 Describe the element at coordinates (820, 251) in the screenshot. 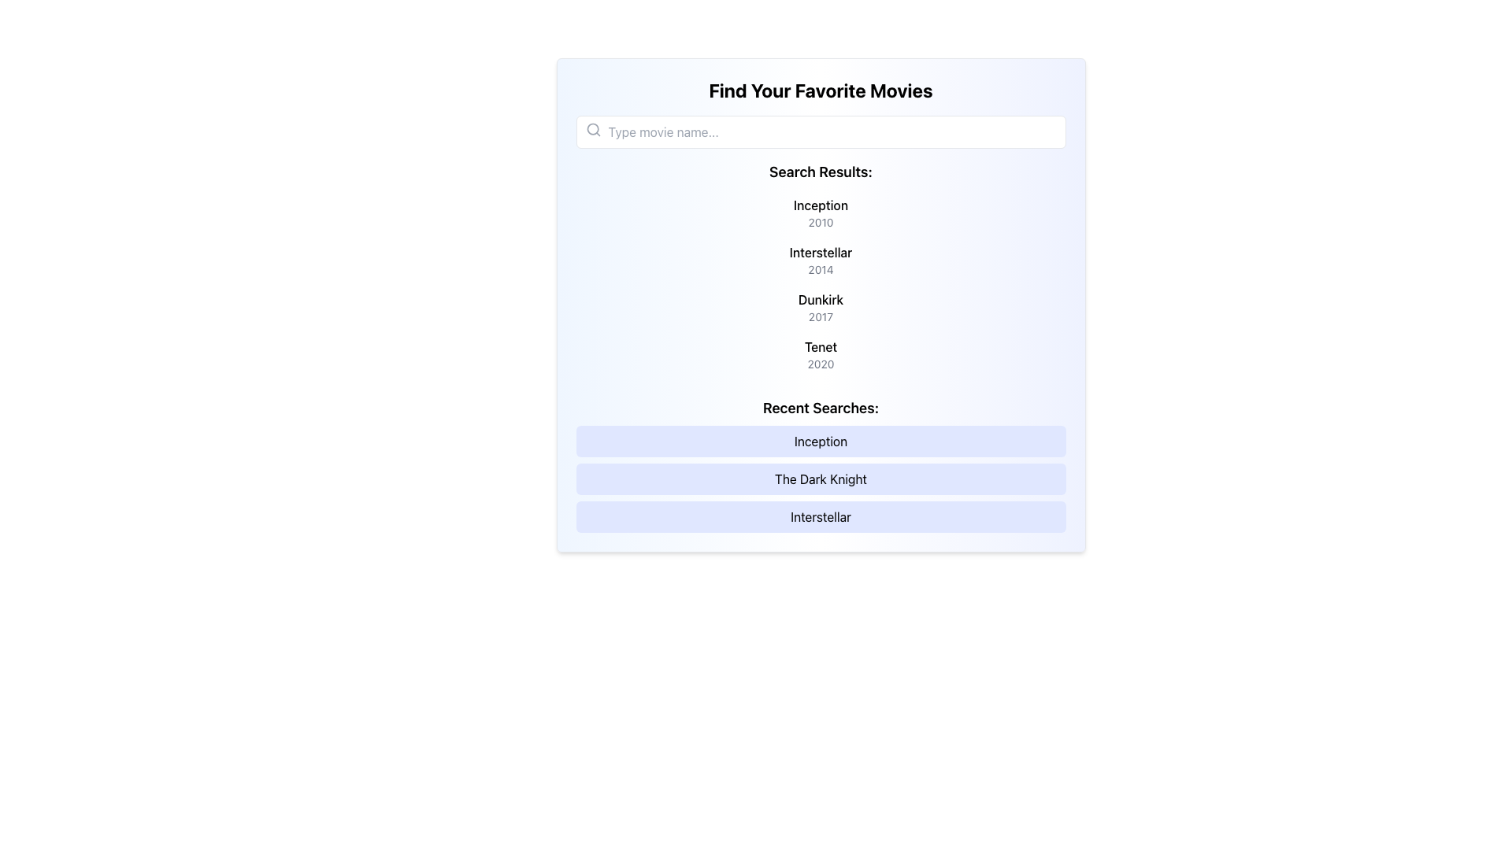

I see `the text label displaying the movie name, which is positioned above the release year label '2014' in the search result entry` at that location.